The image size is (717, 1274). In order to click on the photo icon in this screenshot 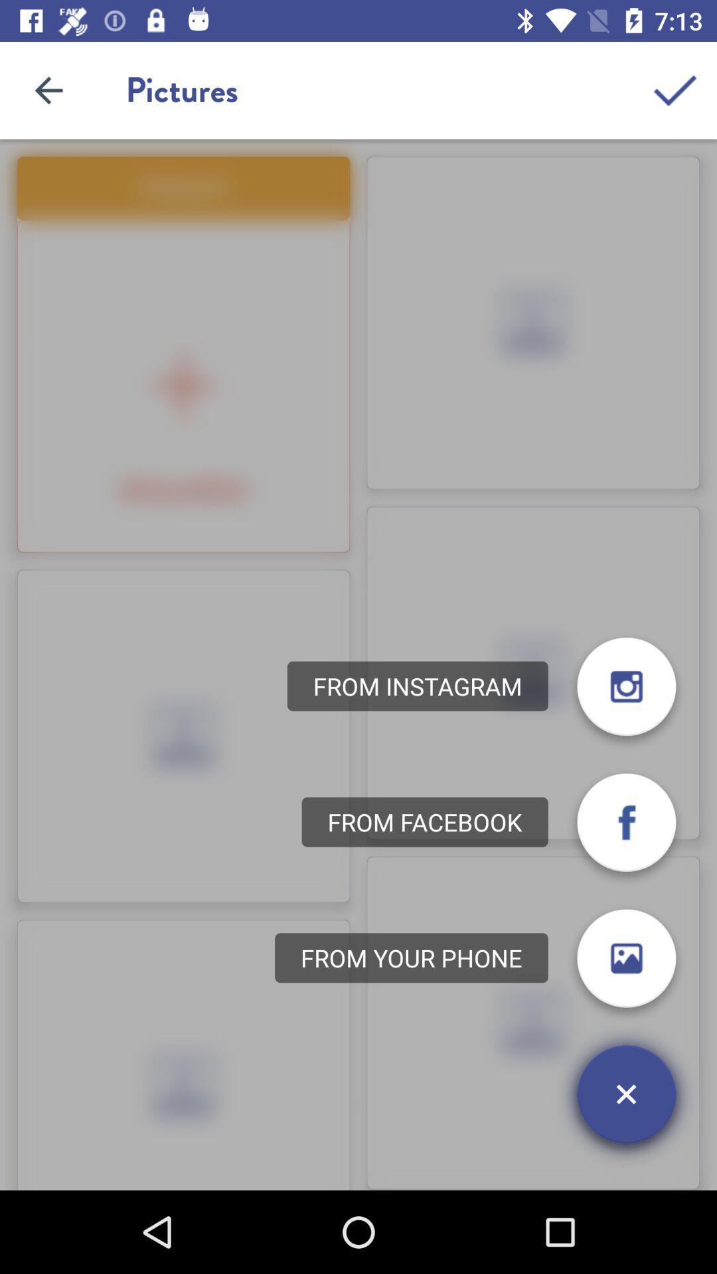, I will do `click(626, 963)`.